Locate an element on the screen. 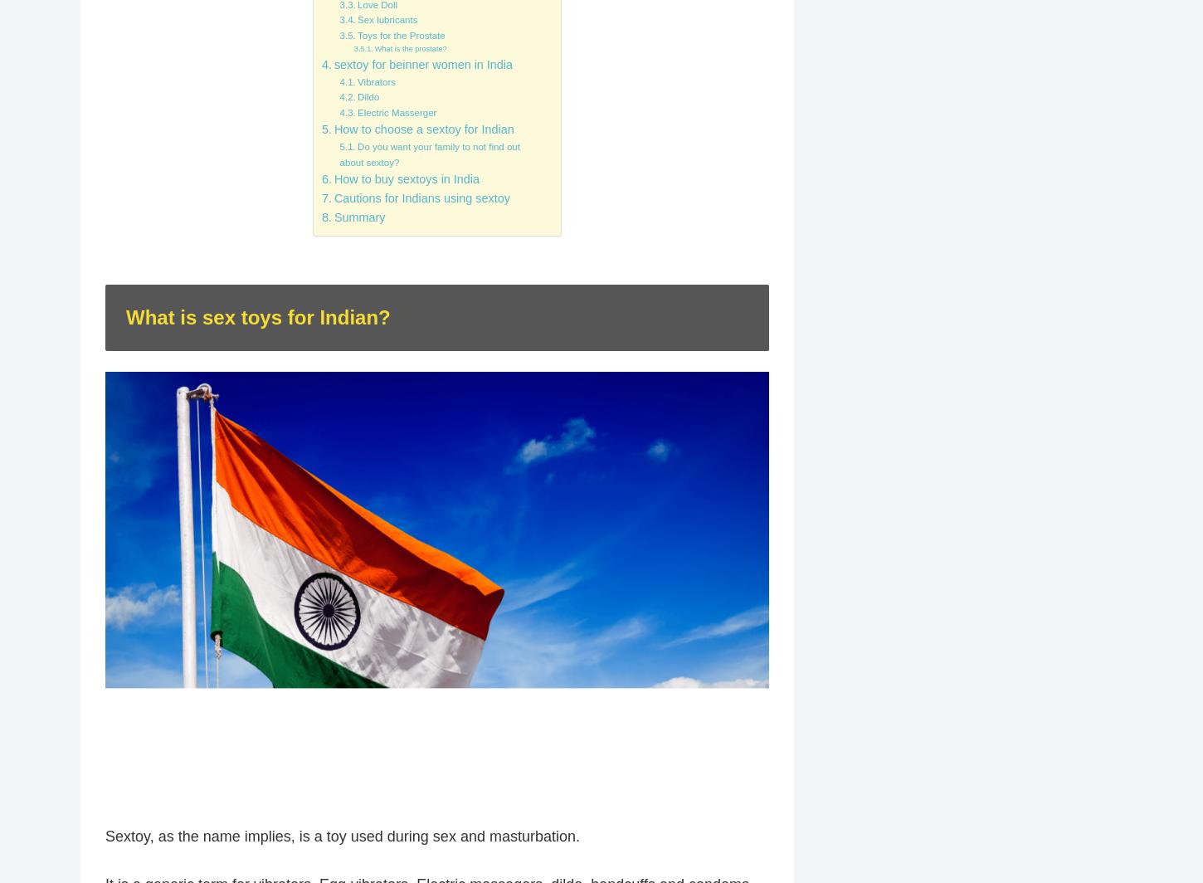 This screenshot has width=1203, height=883. 'Summary' is located at coordinates (358, 217).